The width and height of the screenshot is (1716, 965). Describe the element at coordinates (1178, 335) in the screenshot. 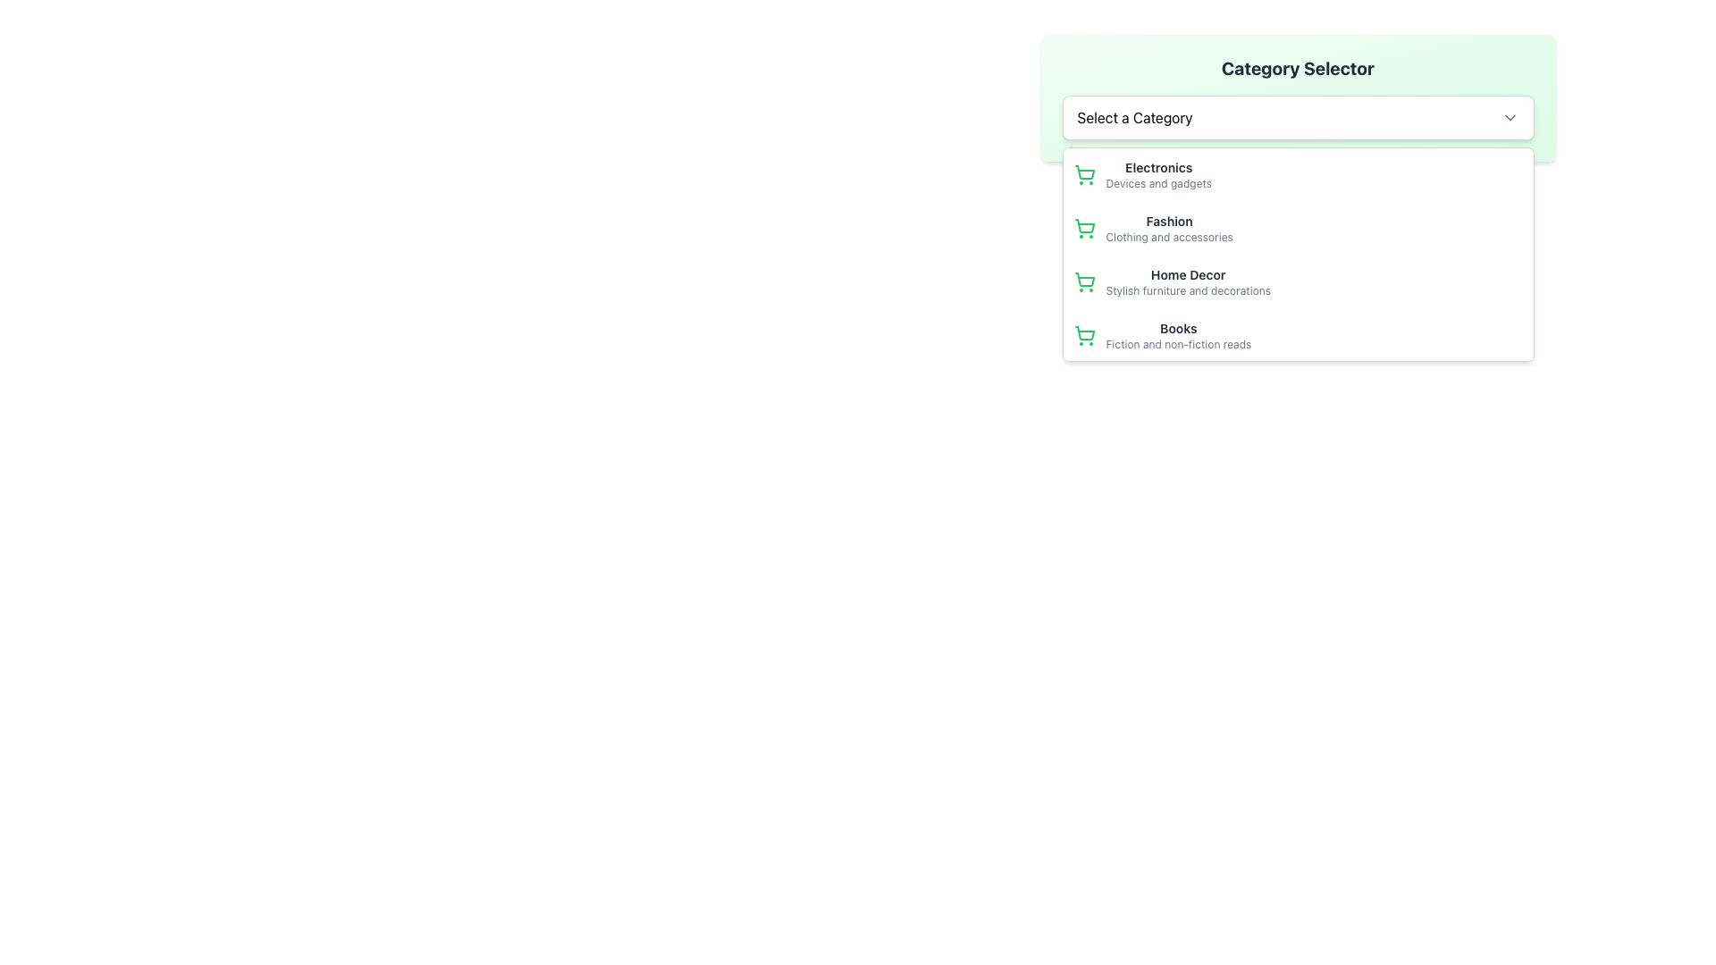

I see `the 'Books' category in the dropdown menu, which is the third option under 'Select a Category', styled with a bold label and a lighter subtitle` at that location.